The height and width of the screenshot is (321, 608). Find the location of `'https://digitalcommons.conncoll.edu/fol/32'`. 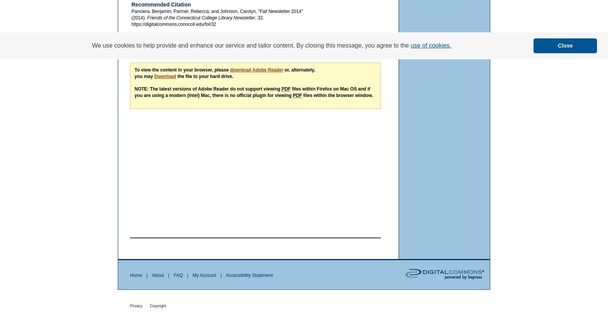

'https://digitalcommons.conncoll.edu/fol/32' is located at coordinates (131, 23).